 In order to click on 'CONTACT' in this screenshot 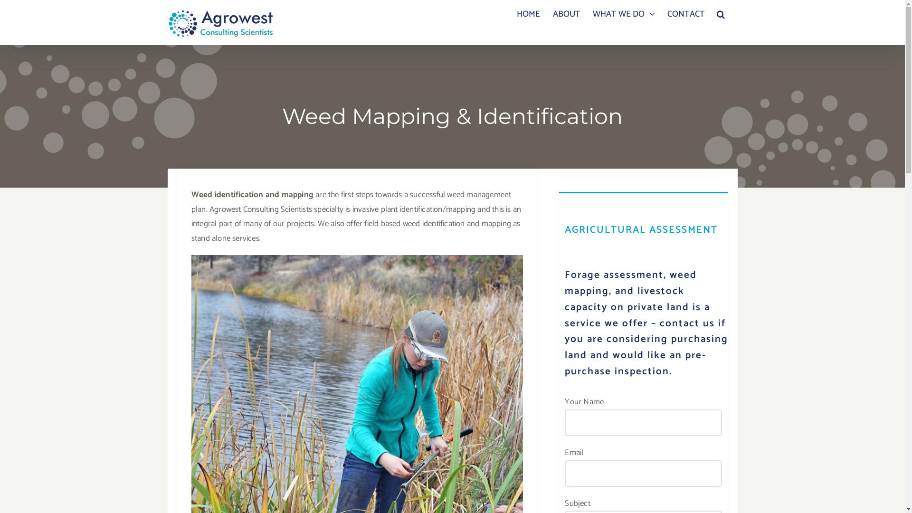, I will do `click(686, 14)`.